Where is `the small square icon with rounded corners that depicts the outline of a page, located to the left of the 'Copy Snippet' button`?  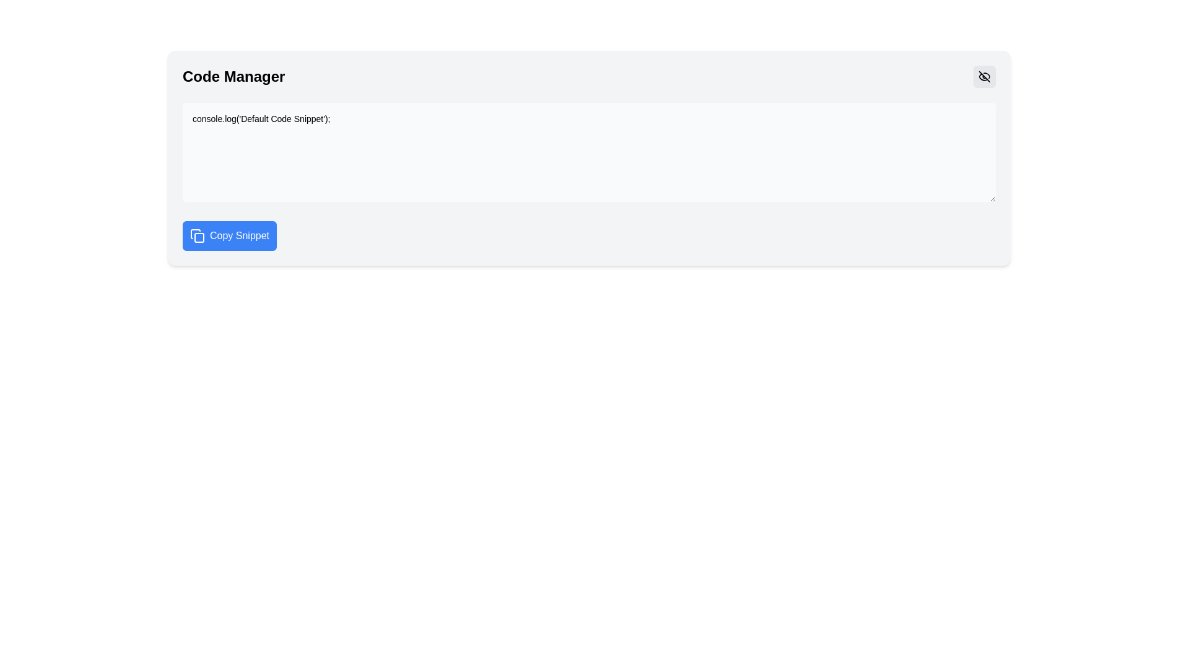
the small square icon with rounded corners that depicts the outline of a page, located to the left of the 'Copy Snippet' button is located at coordinates (196, 236).